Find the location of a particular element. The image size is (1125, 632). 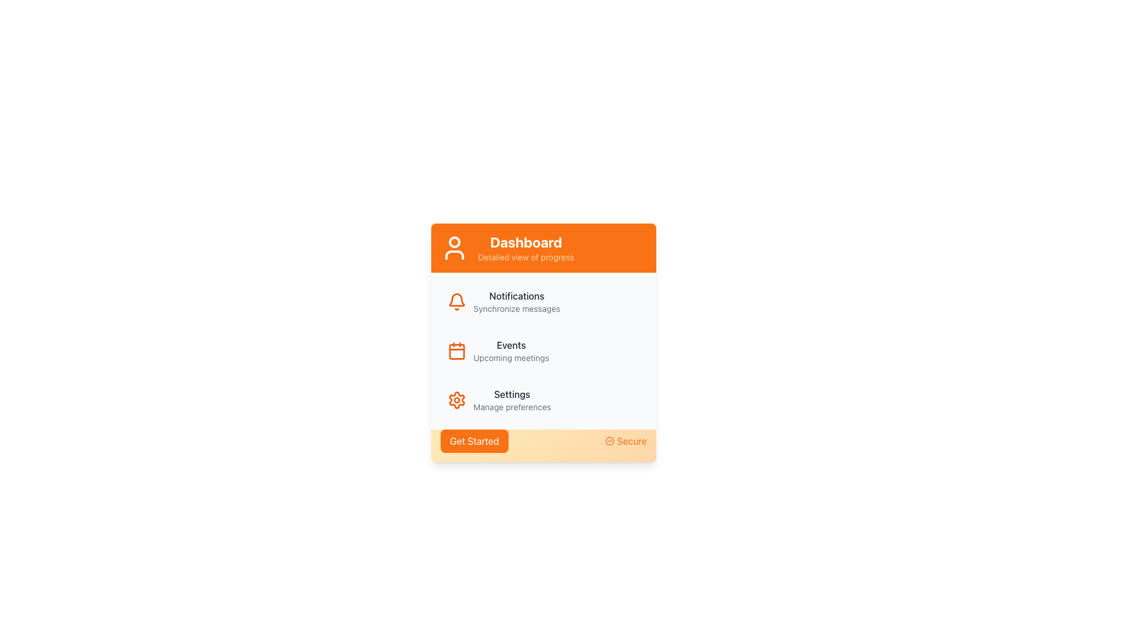

the 'Settings' static text label, which is styled in medium-weight dark gray font and is the first option on a white card is located at coordinates (512, 394).